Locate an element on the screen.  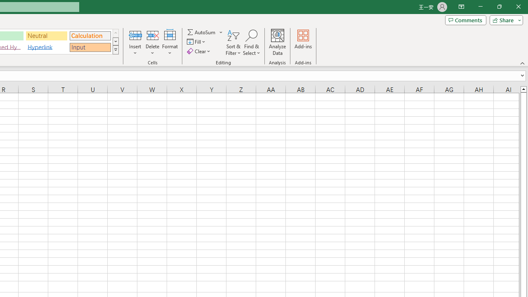
'Row Down' is located at coordinates (115, 41).